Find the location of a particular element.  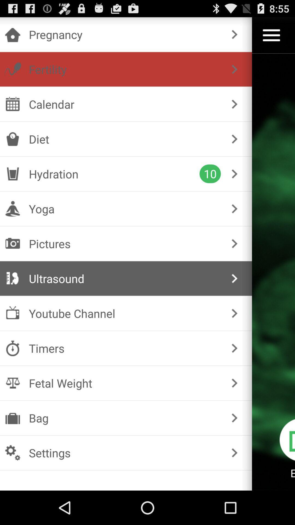

the settings icon below the text bag is located at coordinates (12, 453).